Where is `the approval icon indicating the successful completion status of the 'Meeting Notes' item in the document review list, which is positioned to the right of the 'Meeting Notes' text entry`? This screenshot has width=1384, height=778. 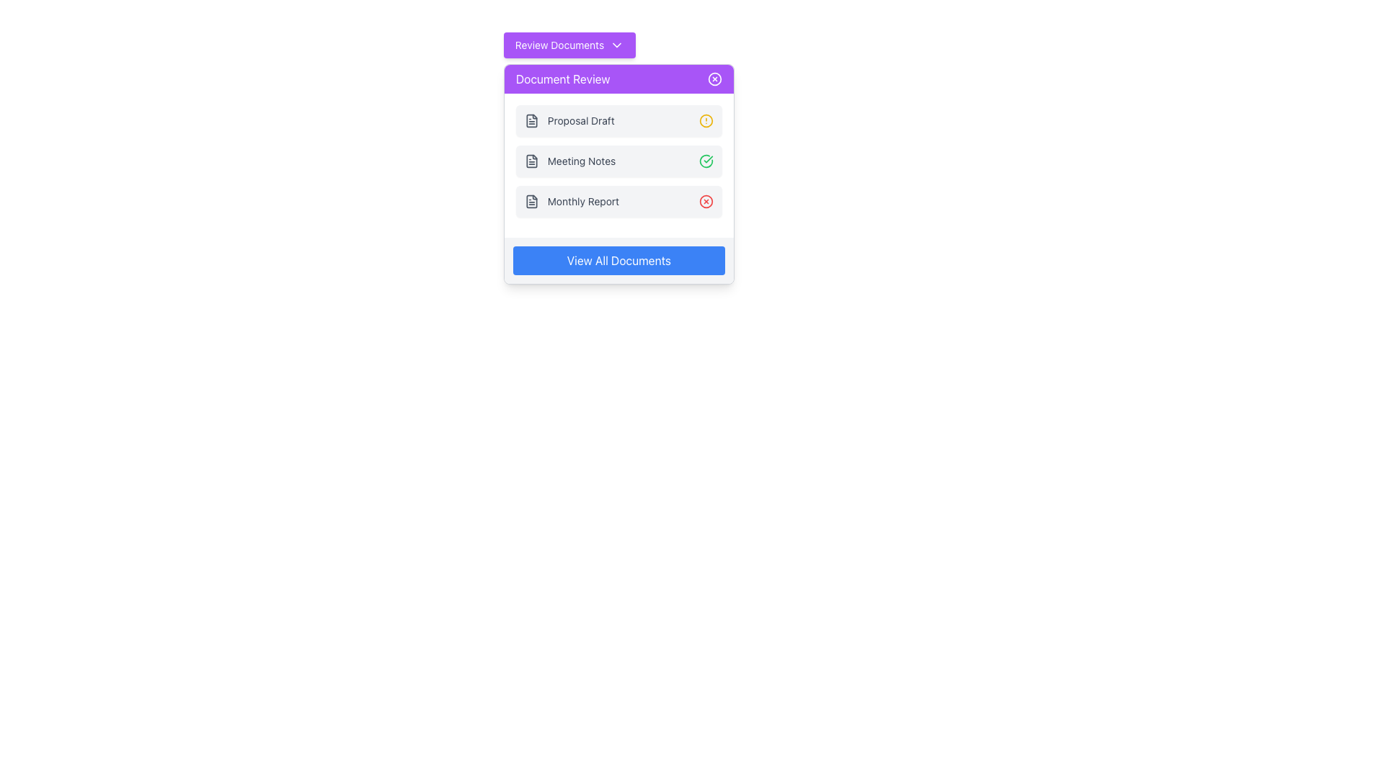 the approval icon indicating the successful completion status of the 'Meeting Notes' item in the document review list, which is positioned to the right of the 'Meeting Notes' text entry is located at coordinates (706, 161).